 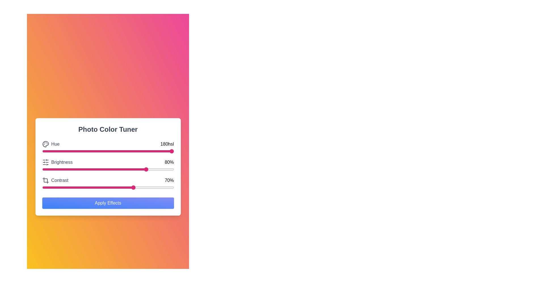 I want to click on the brightness slider to set the brightness to 0%, so click(x=42, y=169).